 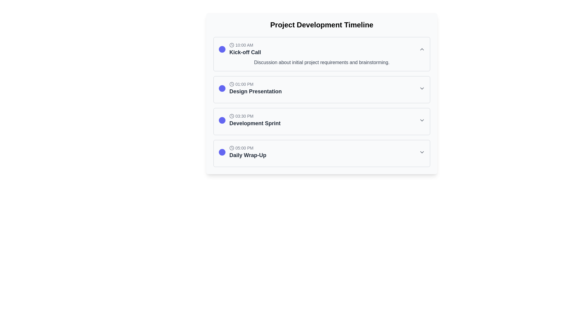 I want to click on the Composite Text Element displaying 'Kick-off Call' with the time '10:00 AM' in smaller gray text, located in the upper left section of the scheduled events list, so click(x=245, y=49).